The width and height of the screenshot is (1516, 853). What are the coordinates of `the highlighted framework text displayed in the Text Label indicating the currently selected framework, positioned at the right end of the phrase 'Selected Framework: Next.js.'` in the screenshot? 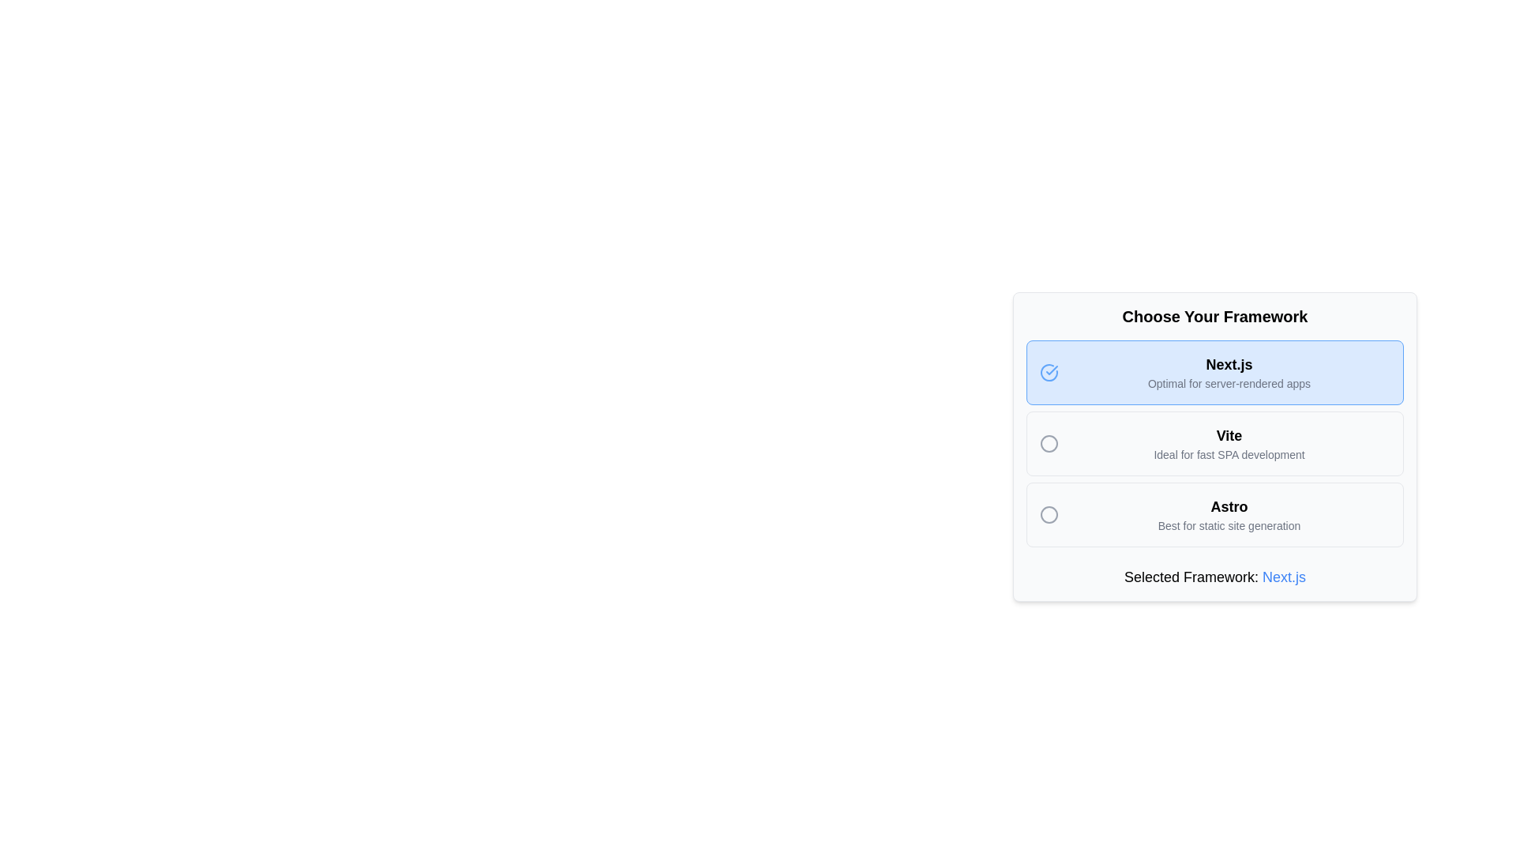 It's located at (1284, 577).